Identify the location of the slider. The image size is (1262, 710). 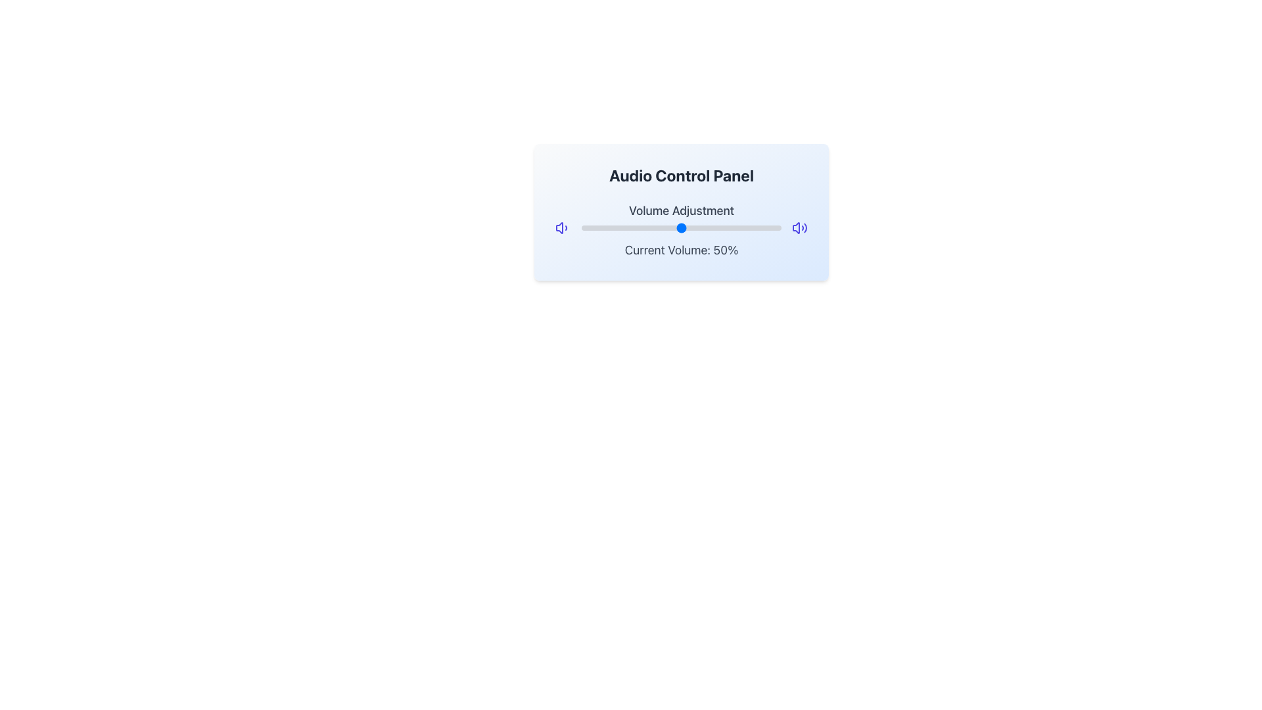
(591, 227).